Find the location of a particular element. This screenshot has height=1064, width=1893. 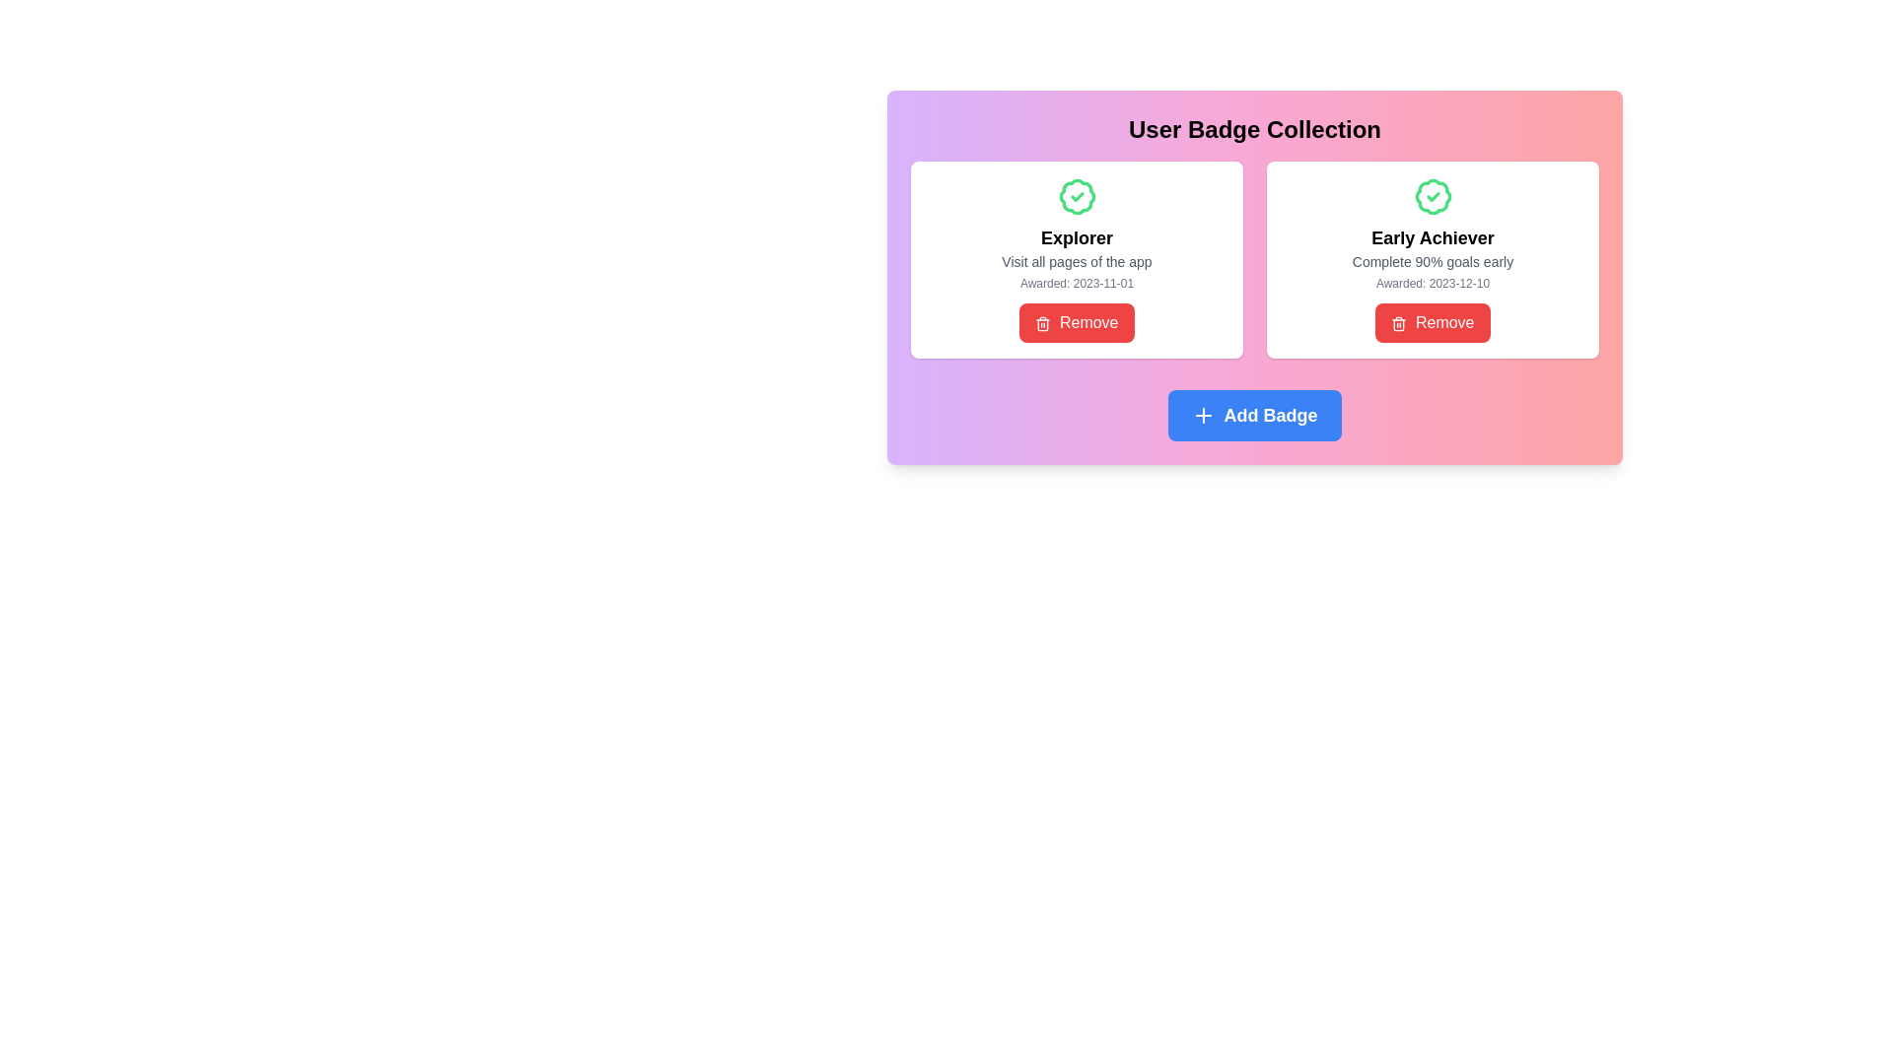

the text element displaying 'User Badge Collection', which is prominently positioned at the top-center of its card-like section is located at coordinates (1253, 129).